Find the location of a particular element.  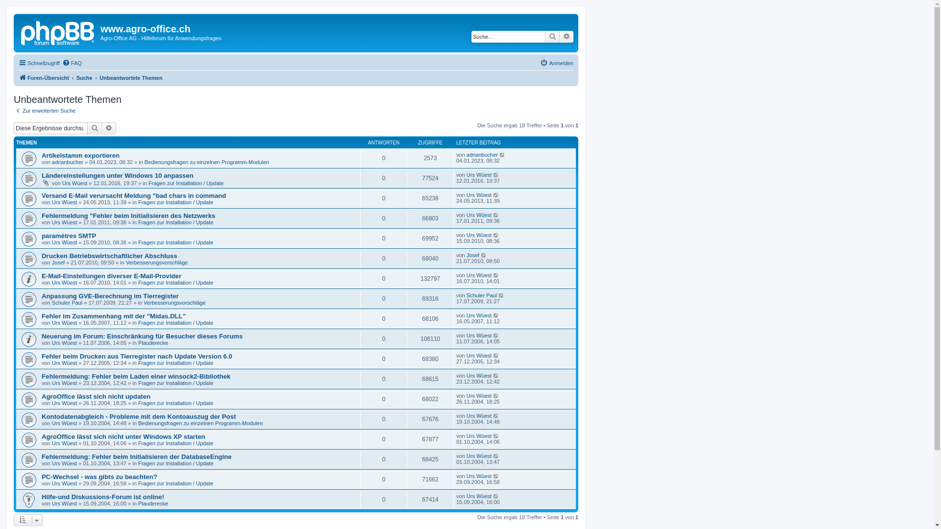

'Fragen zur Installation / Update' is located at coordinates (186, 183).